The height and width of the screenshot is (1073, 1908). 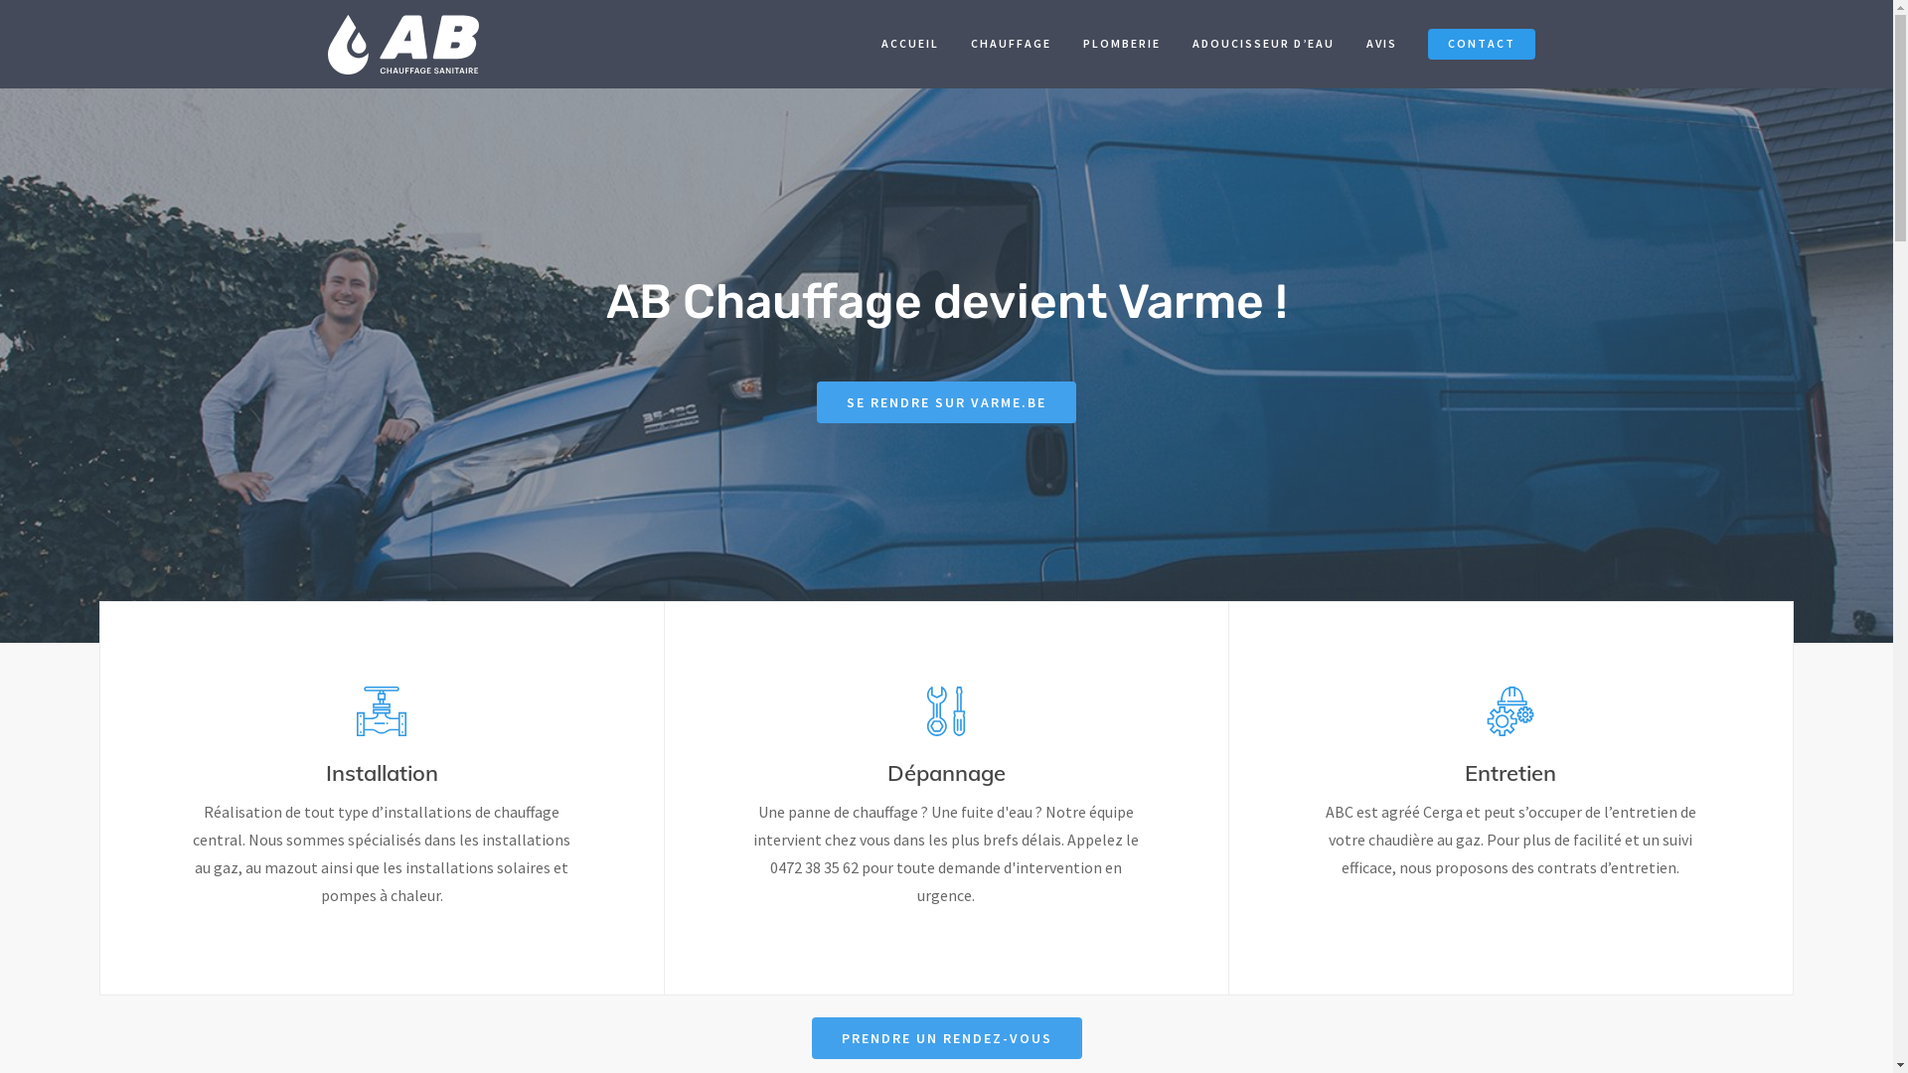 What do you see at coordinates (1121, 50) in the screenshot?
I see `'PLOMBERIE'` at bounding box center [1121, 50].